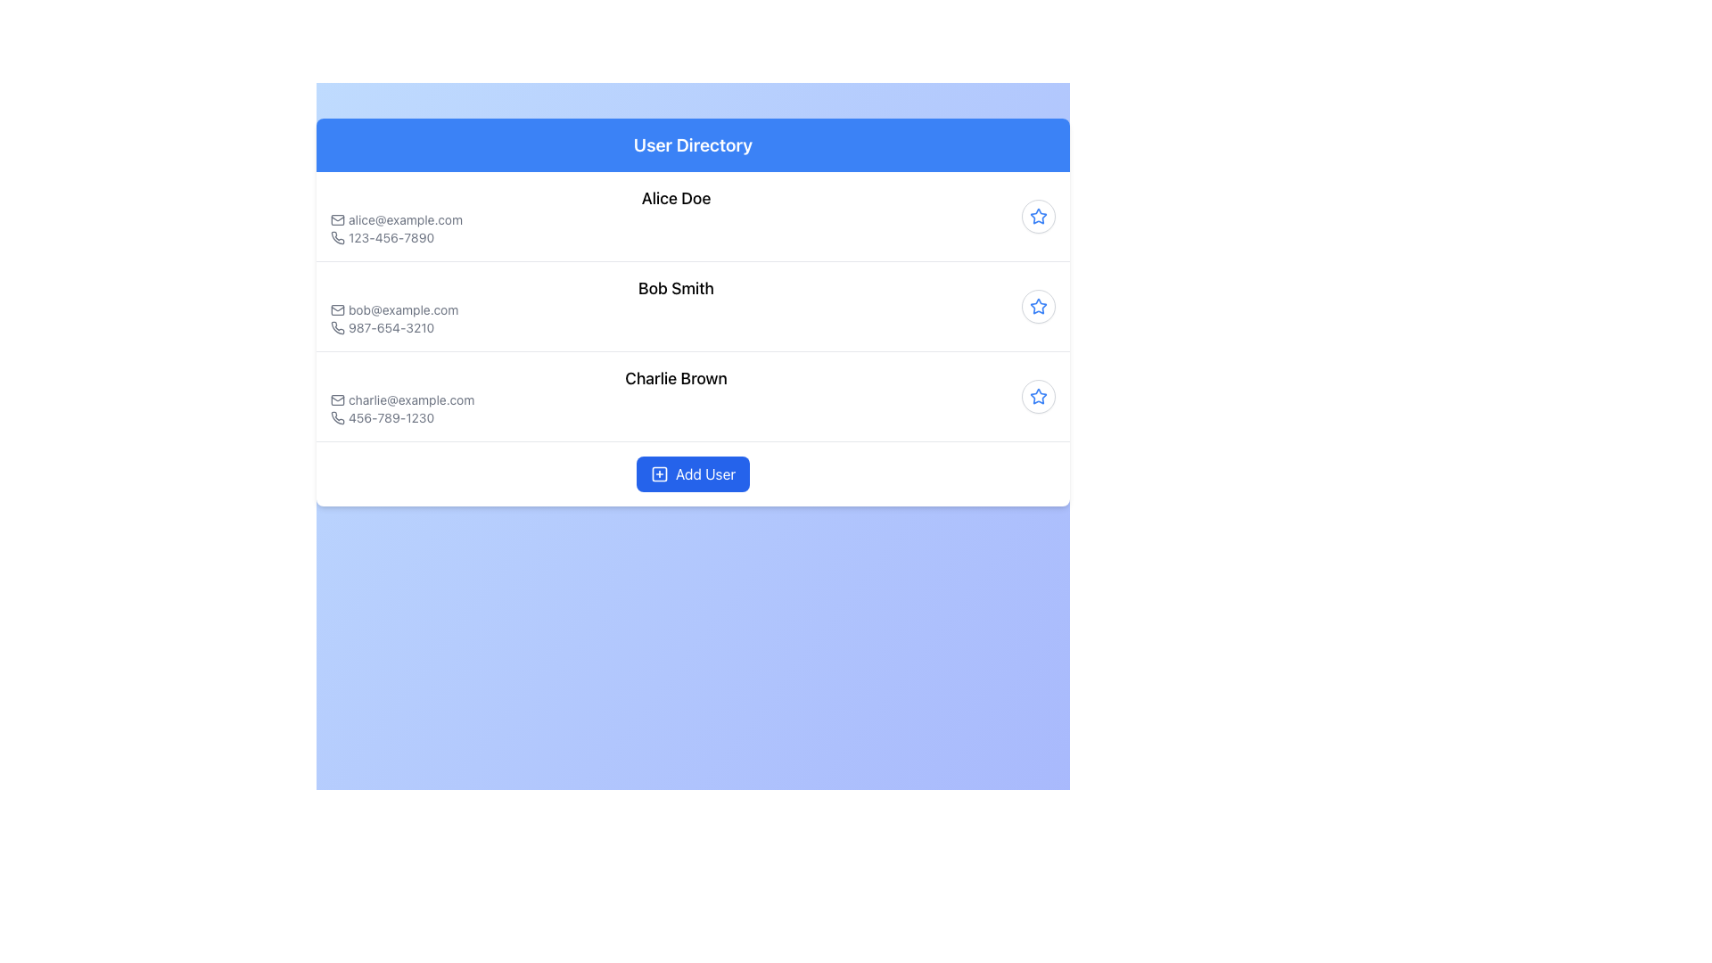 Image resolution: width=1712 pixels, height=963 pixels. Describe the element at coordinates (658, 473) in the screenshot. I see `the background of the 'Add User' button icon, which visually indicates adding a user` at that location.